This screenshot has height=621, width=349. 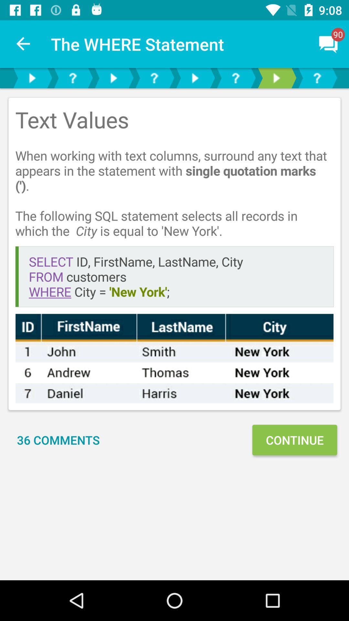 I want to click on the help icon, so click(x=72, y=78).